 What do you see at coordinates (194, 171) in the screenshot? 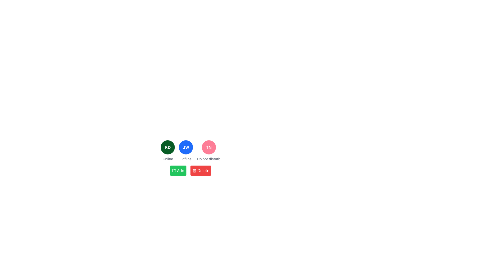
I see `the trash bin icon located within the red 'Delete' button` at bounding box center [194, 171].